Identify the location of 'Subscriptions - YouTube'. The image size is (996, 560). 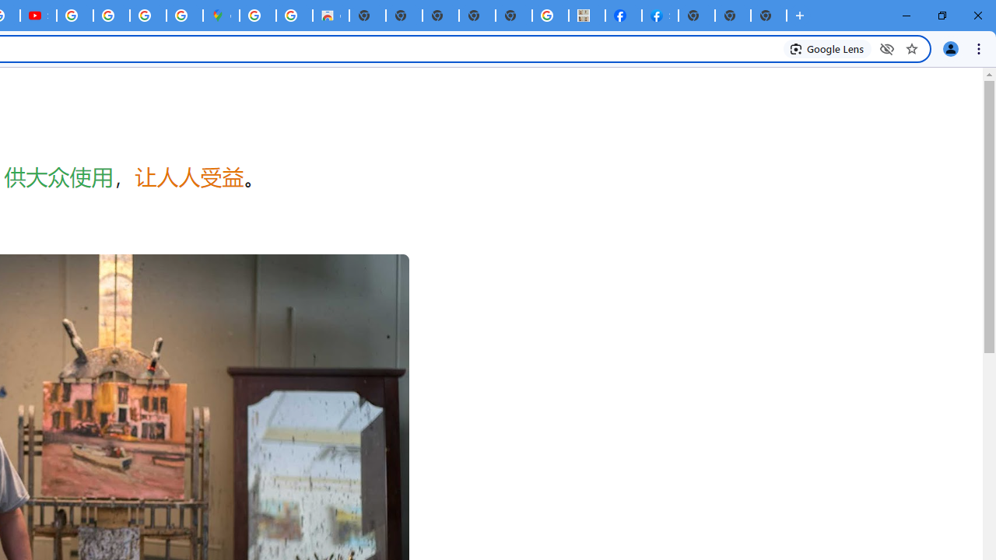
(38, 16).